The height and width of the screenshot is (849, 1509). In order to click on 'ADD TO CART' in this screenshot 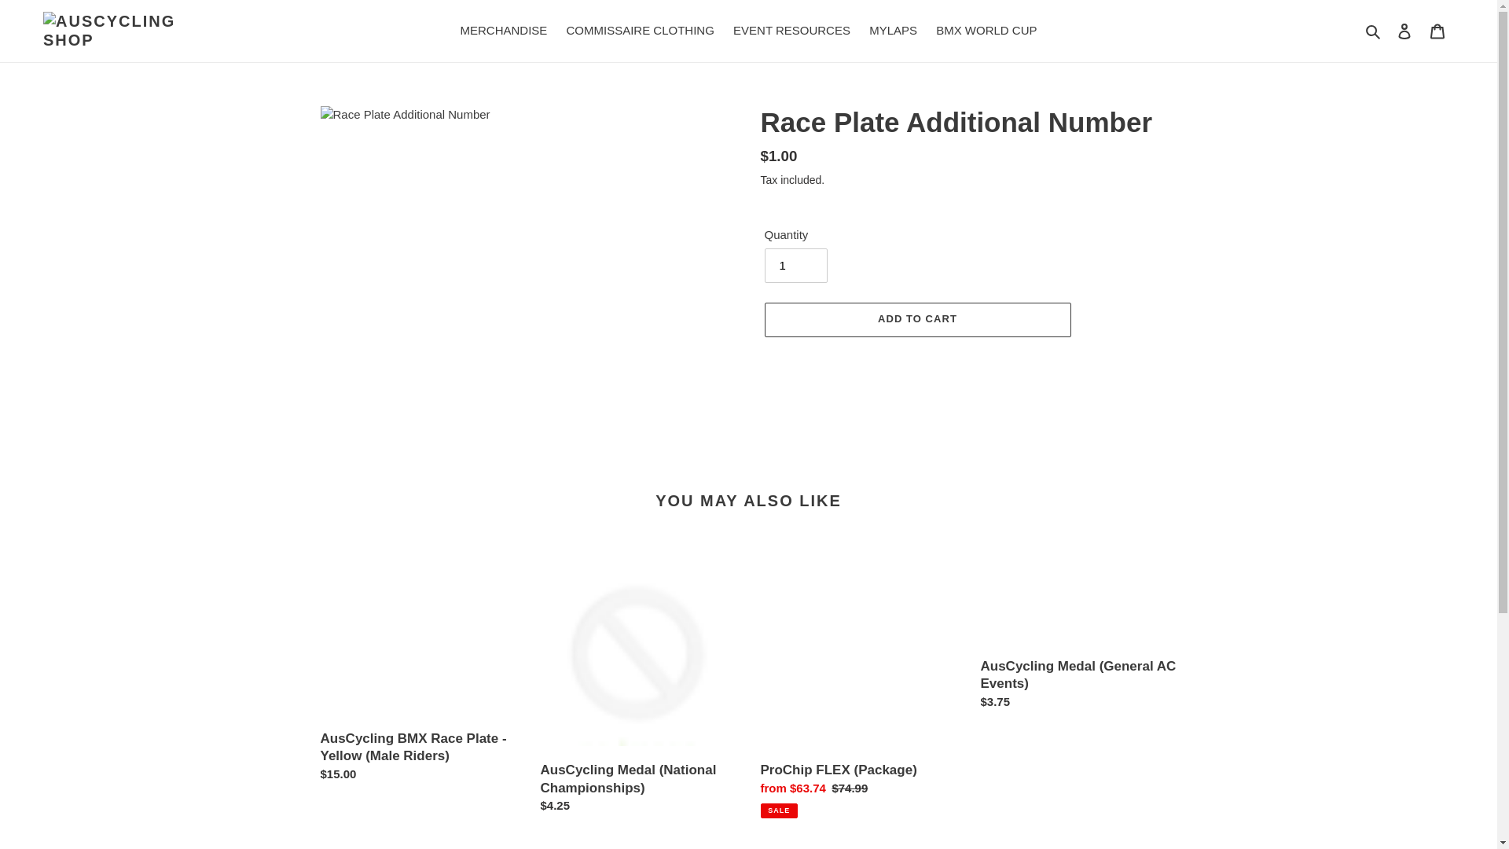, I will do `click(916, 319)`.